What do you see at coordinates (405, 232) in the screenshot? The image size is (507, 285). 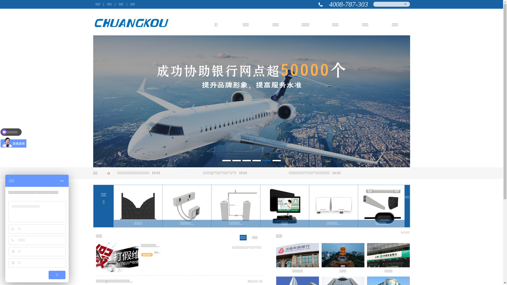 I see `'MORE'` at bounding box center [405, 232].